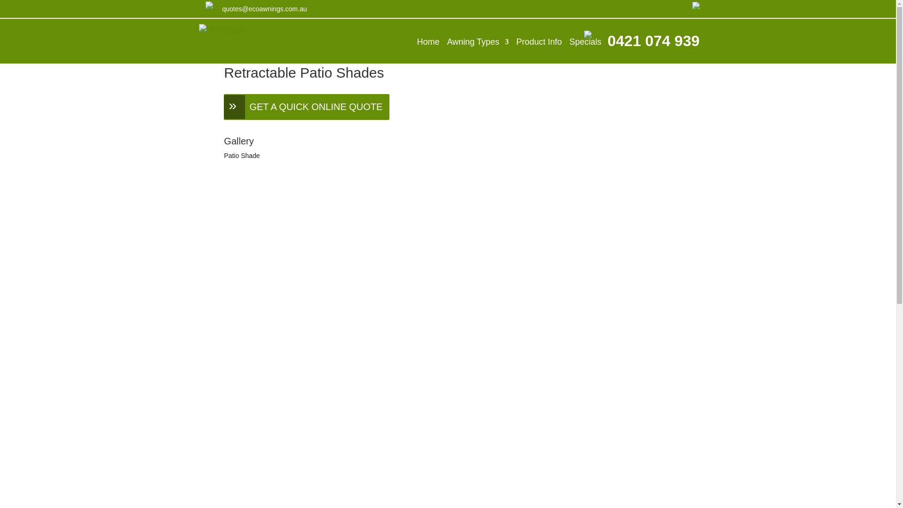  Describe the element at coordinates (263, 8) in the screenshot. I see `'quotes@ecoawnings.com.au'` at that location.